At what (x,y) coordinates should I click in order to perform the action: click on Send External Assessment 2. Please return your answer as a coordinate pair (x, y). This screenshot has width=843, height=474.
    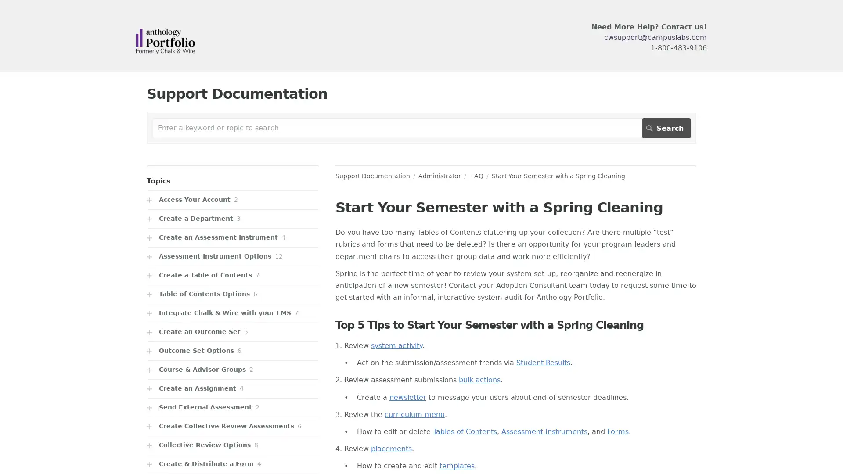
    Looking at the image, I should click on (232, 407).